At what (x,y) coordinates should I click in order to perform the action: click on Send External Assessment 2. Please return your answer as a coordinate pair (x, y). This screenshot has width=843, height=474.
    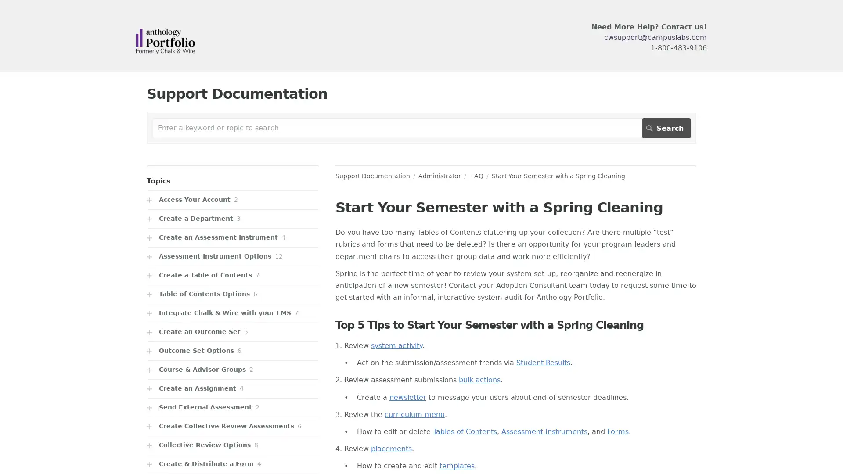
    Looking at the image, I should click on (232, 407).